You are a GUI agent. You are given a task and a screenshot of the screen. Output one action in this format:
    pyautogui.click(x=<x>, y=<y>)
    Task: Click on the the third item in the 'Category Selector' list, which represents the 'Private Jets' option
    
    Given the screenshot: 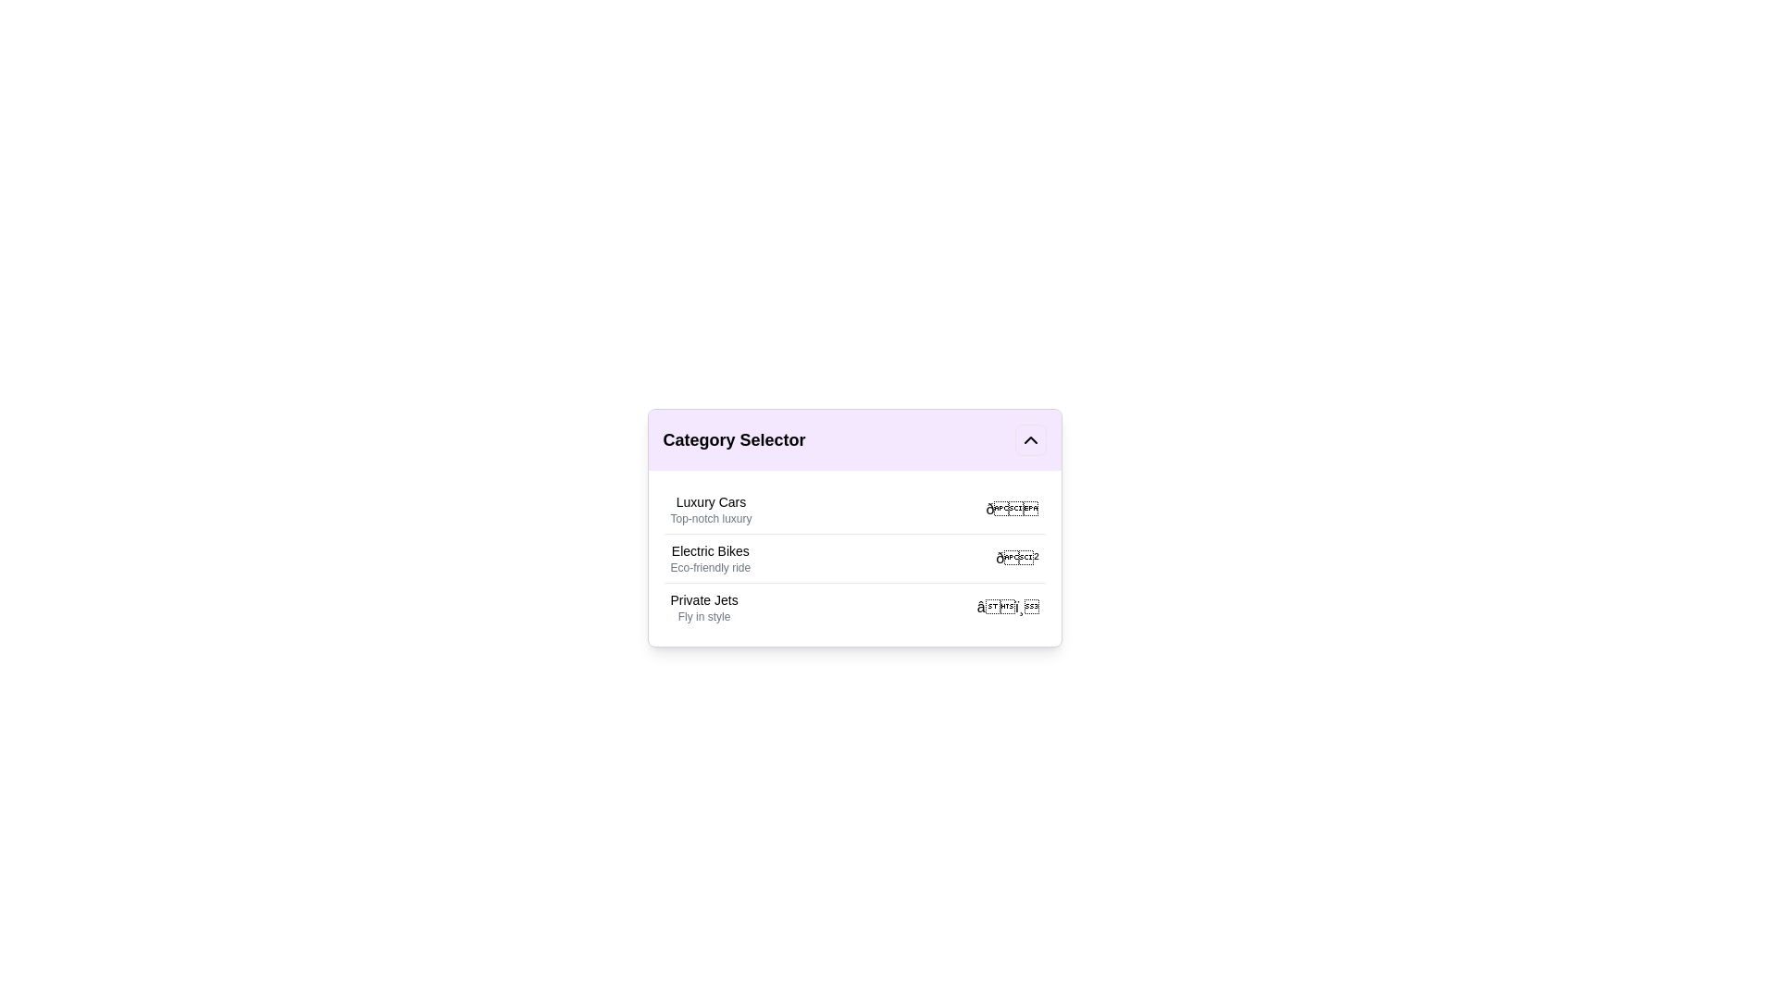 What is the action you would take?
    pyautogui.click(x=703, y=607)
    